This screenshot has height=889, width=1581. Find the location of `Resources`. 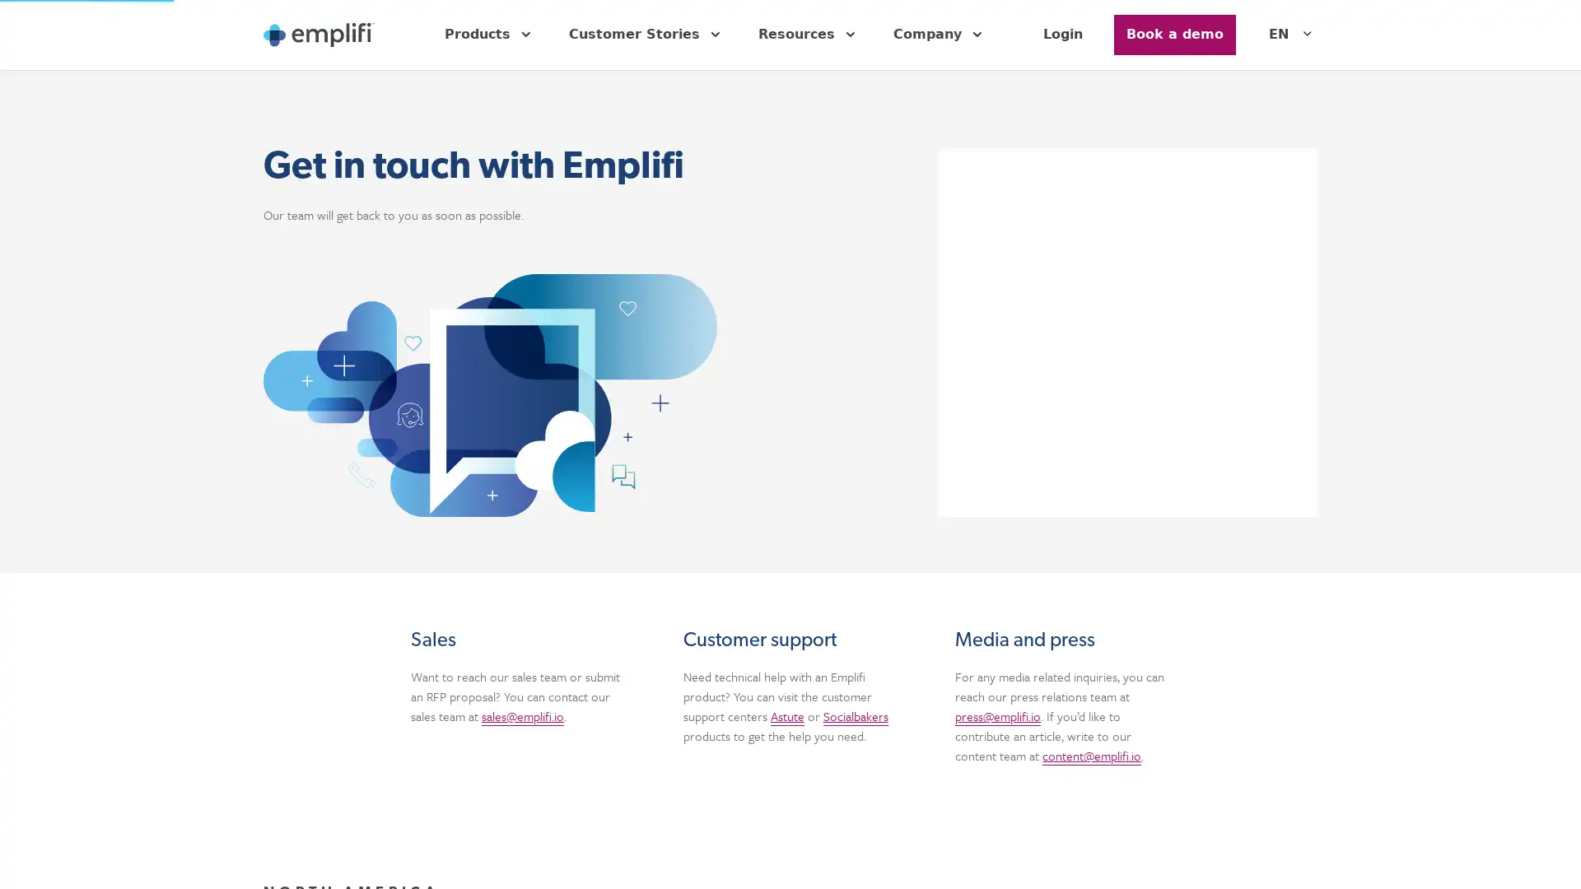

Resources is located at coordinates (809, 35).